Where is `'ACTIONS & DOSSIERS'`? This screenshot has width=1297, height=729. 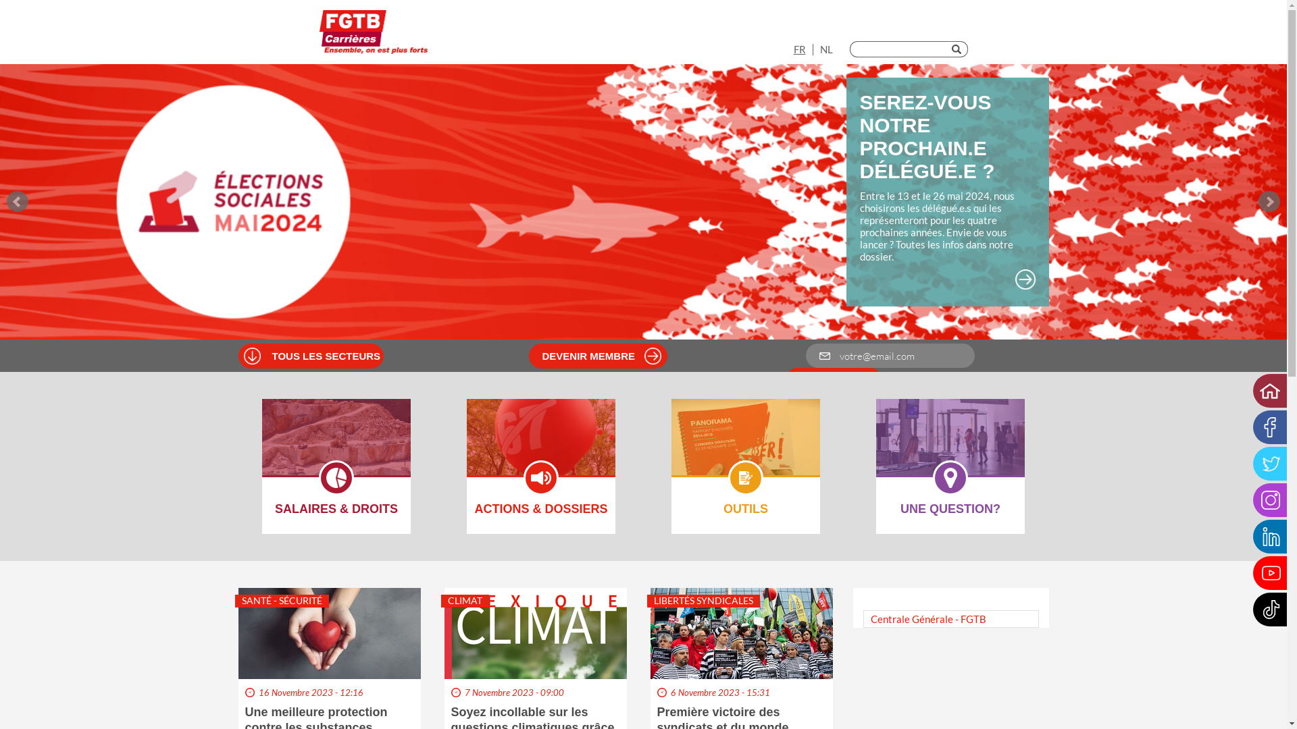 'ACTIONS & DOSSIERS' is located at coordinates (541, 446).